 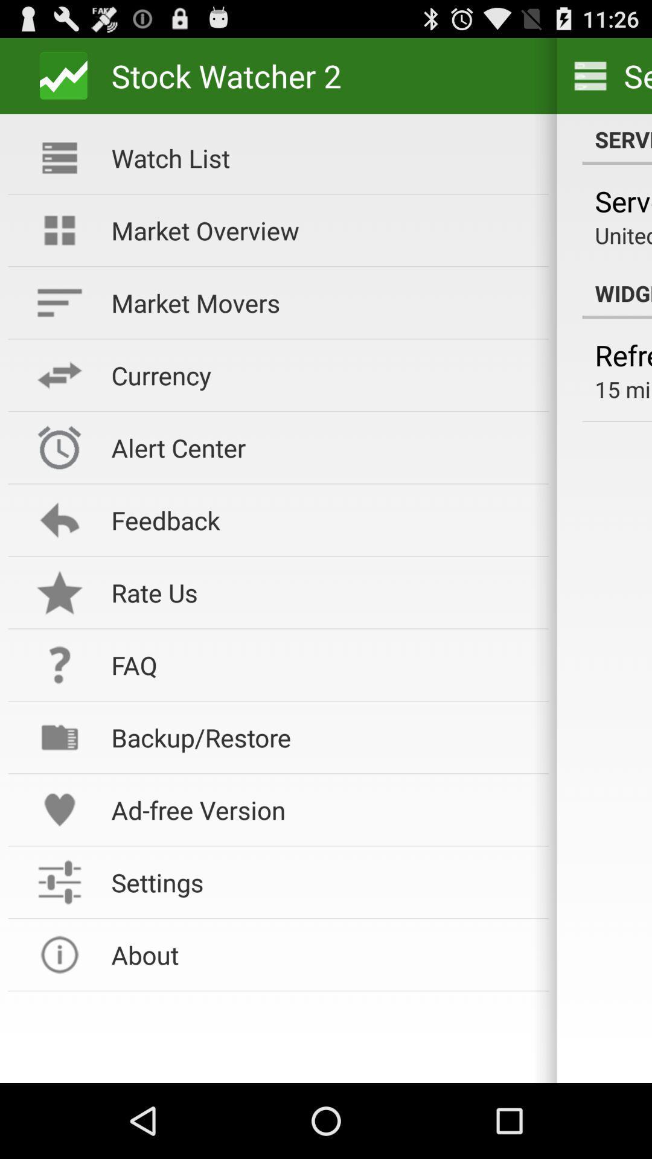 I want to click on app to the left of widgets app, so click(x=321, y=230).